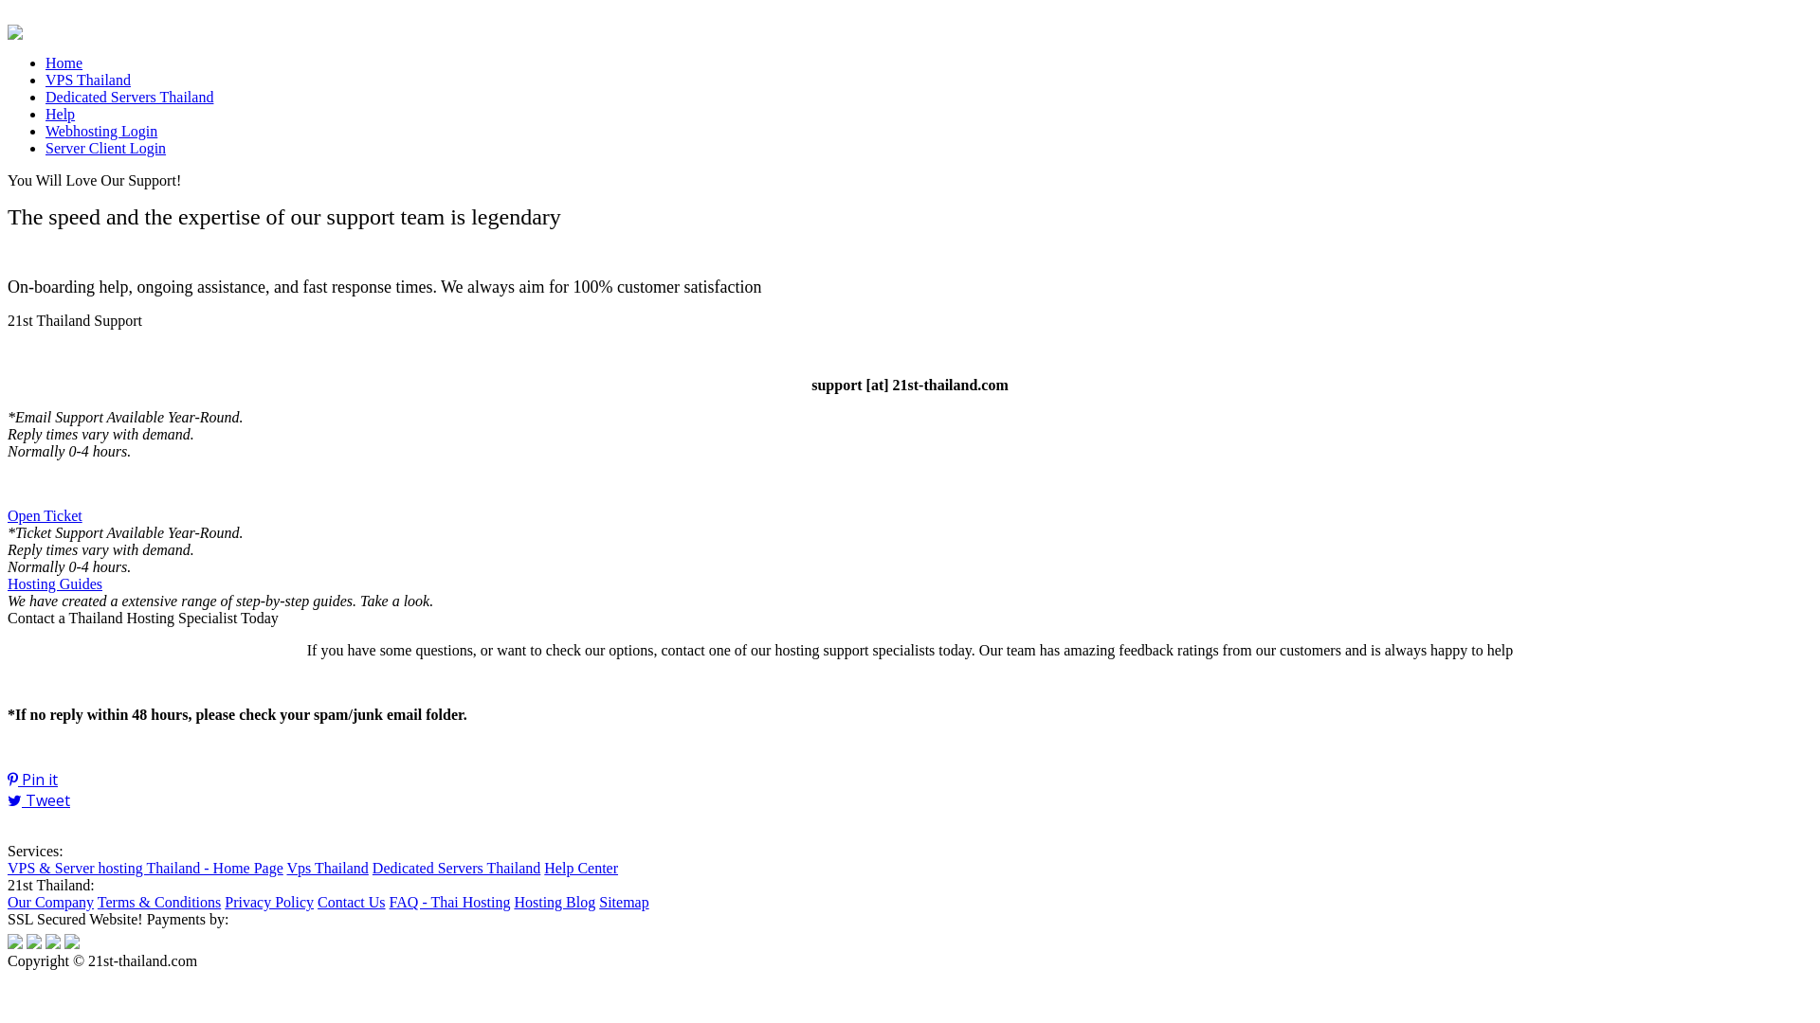 This screenshot has width=1820, height=1023. Describe the element at coordinates (318, 901) in the screenshot. I see `'Contact Us'` at that location.